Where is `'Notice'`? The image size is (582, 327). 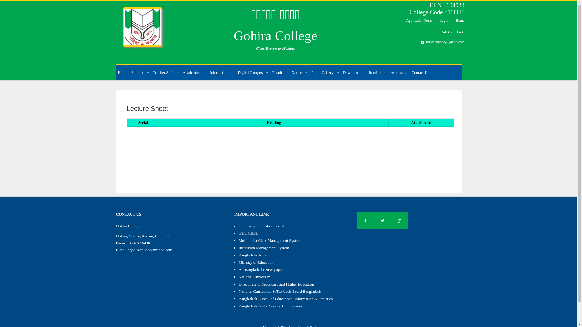 'Notice' is located at coordinates (289, 72).